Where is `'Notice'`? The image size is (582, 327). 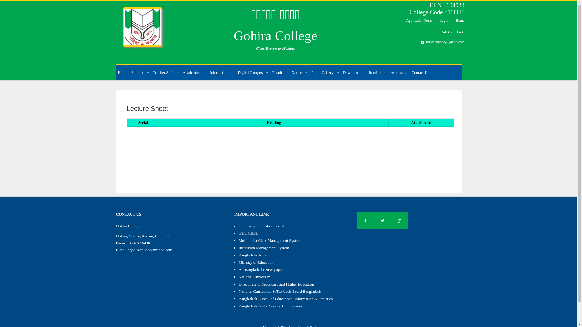 'Notice' is located at coordinates (289, 72).